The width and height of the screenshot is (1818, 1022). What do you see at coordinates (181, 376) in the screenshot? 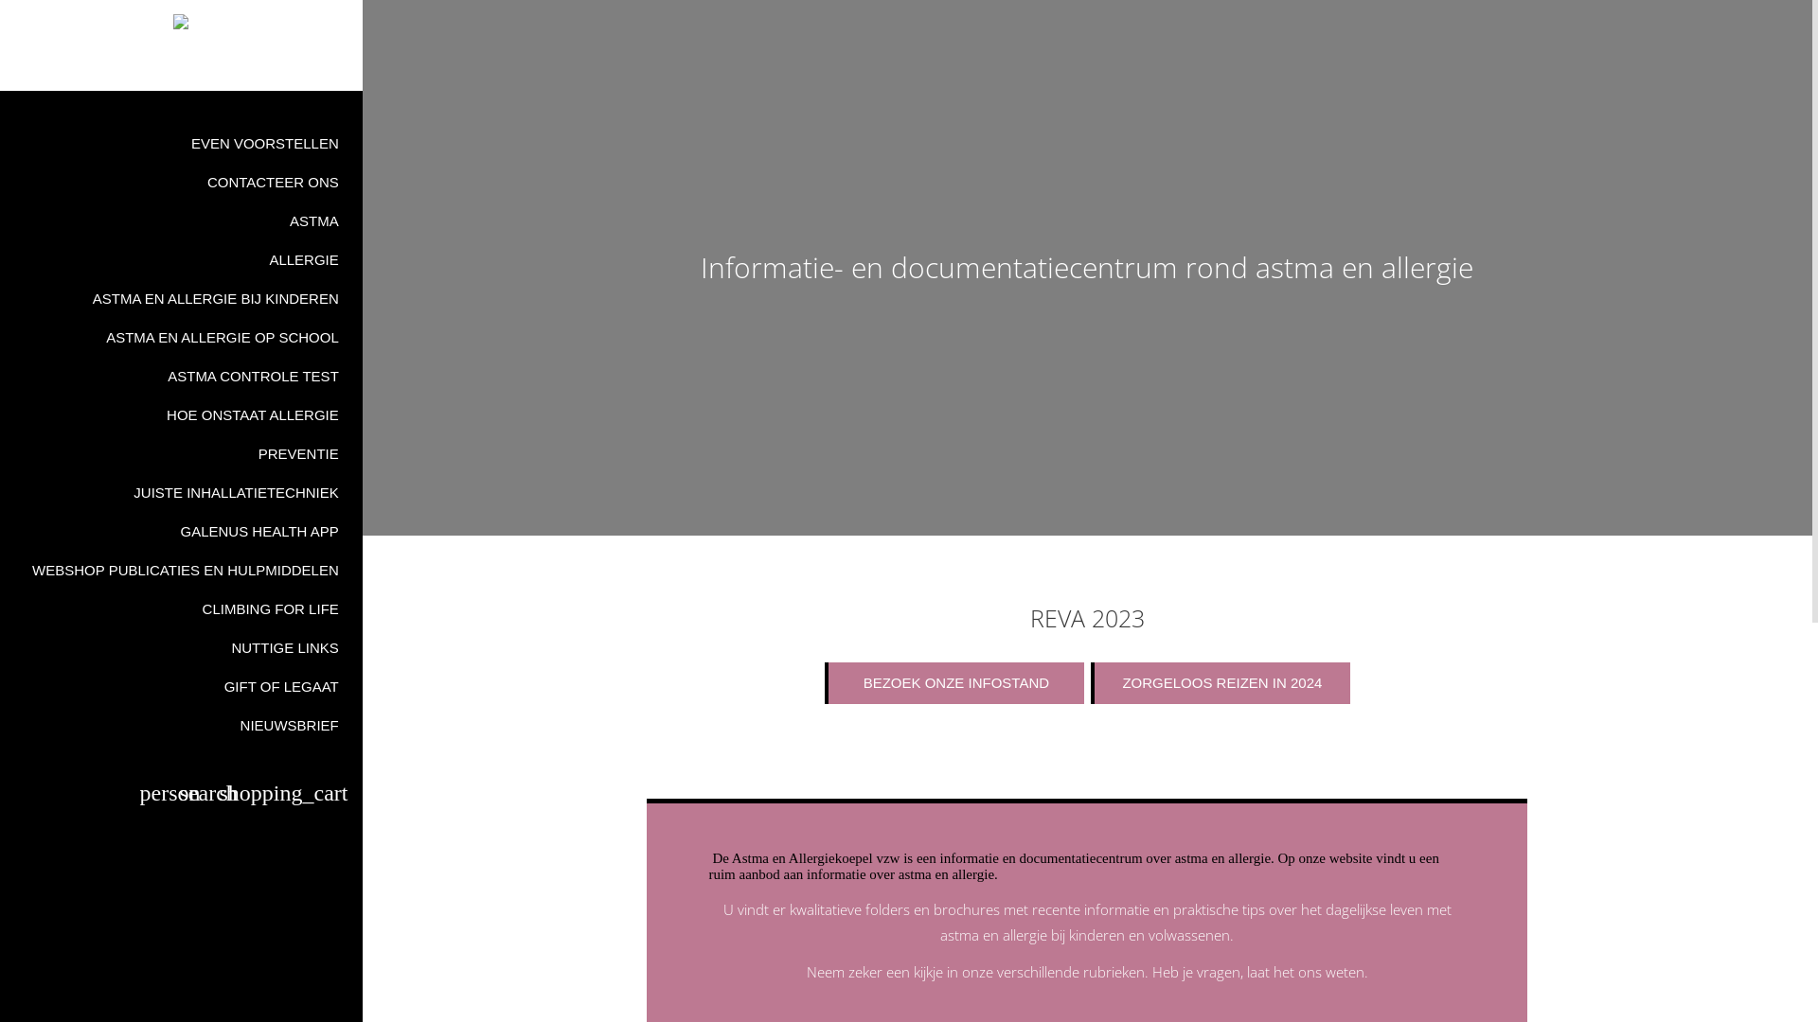
I see `'ASTMA CONTROLE TEST'` at bounding box center [181, 376].